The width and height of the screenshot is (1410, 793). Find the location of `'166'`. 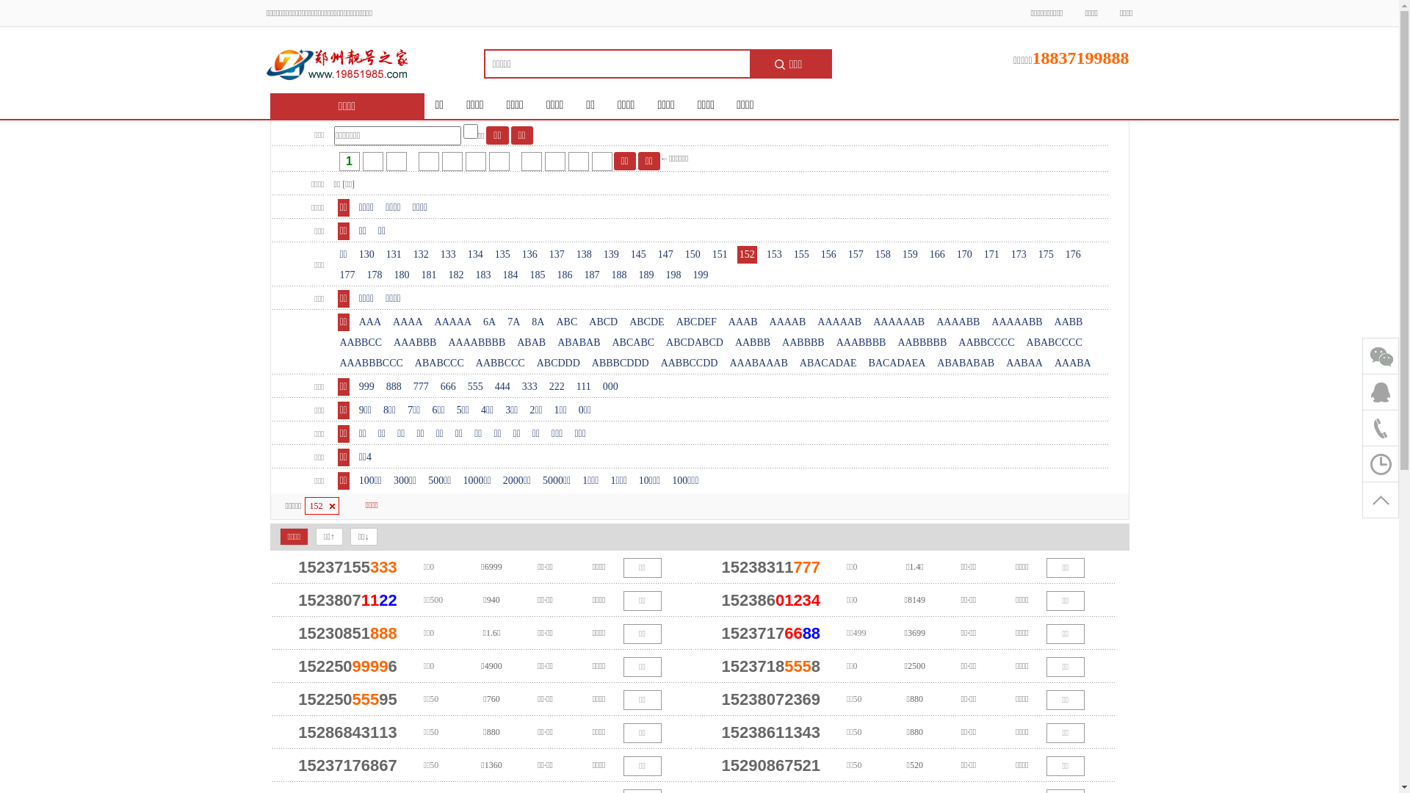

'166' is located at coordinates (936, 254).